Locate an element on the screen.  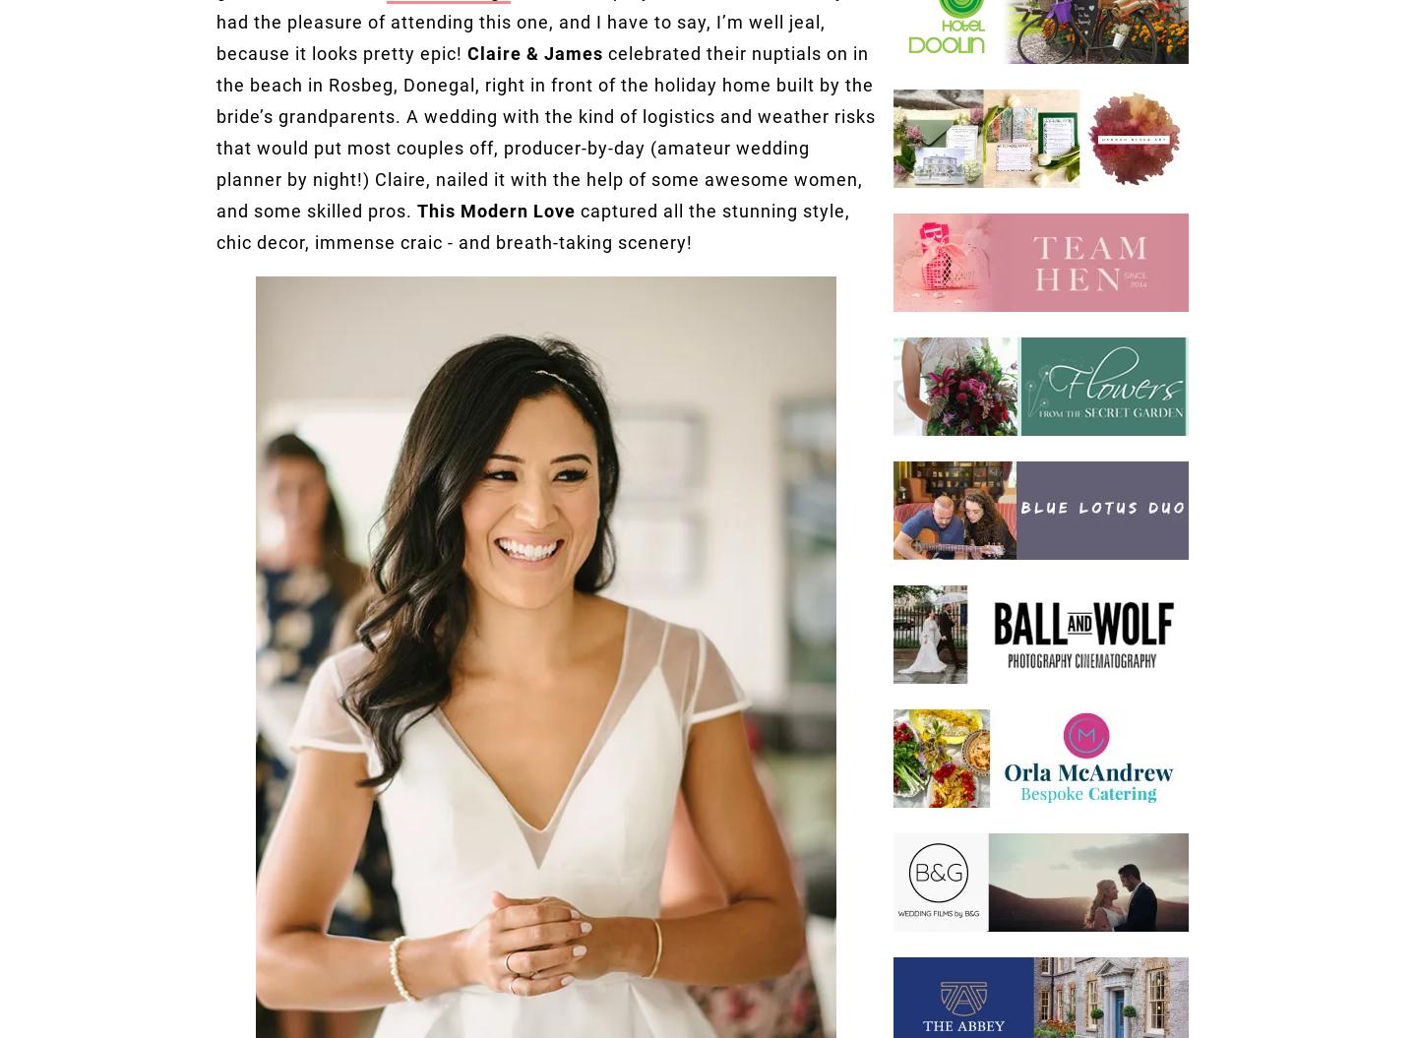
'Chi Chi London' is located at coordinates (395, 123).